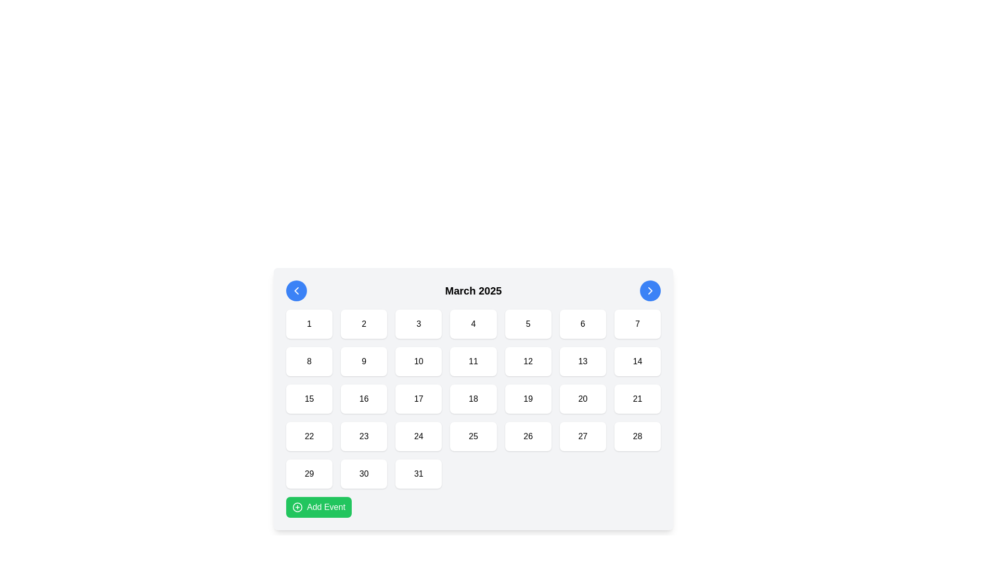 The height and width of the screenshot is (562, 999). I want to click on the calendar day cell representing the 25th of March 2025, so click(473, 437).